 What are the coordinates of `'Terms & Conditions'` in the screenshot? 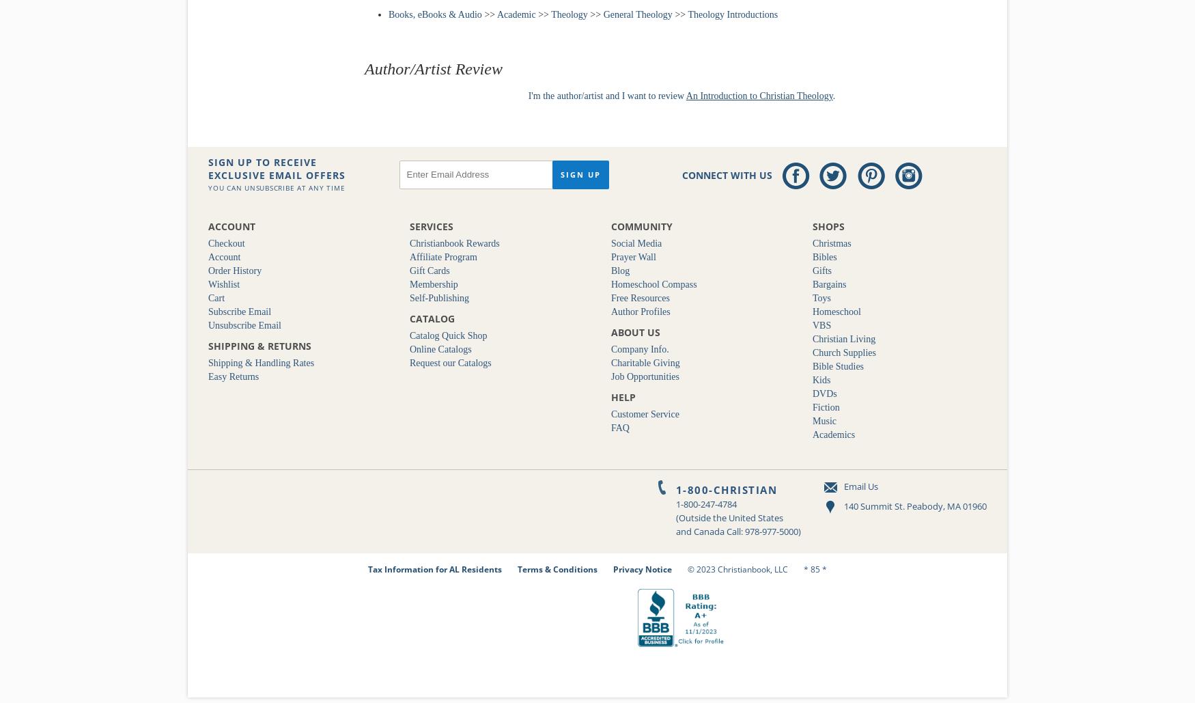 It's located at (557, 568).